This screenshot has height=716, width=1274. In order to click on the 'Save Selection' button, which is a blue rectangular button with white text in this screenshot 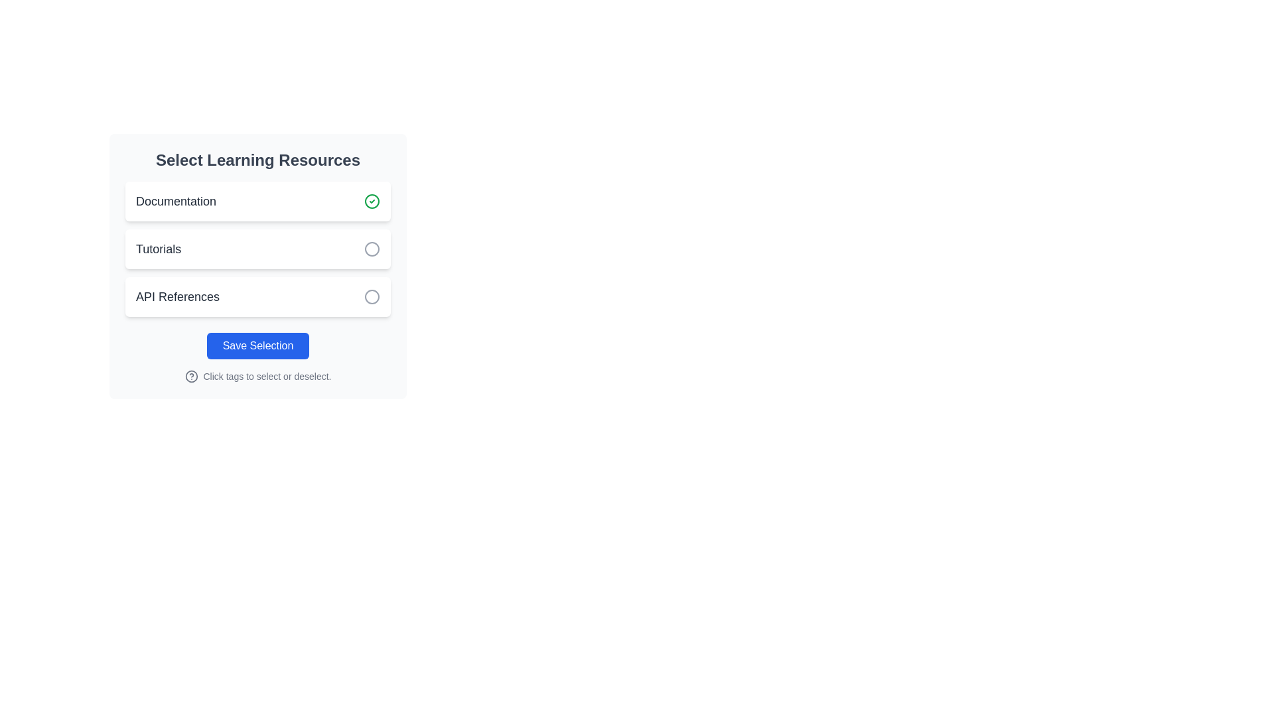, I will do `click(257, 345)`.